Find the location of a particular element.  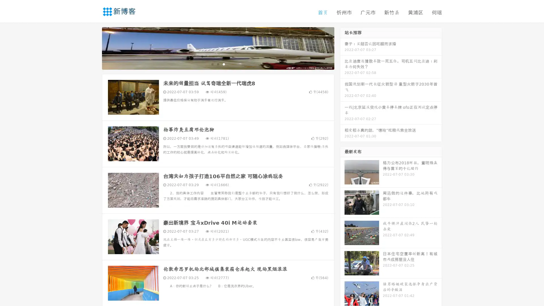

Go to slide 2 is located at coordinates (218, 64).